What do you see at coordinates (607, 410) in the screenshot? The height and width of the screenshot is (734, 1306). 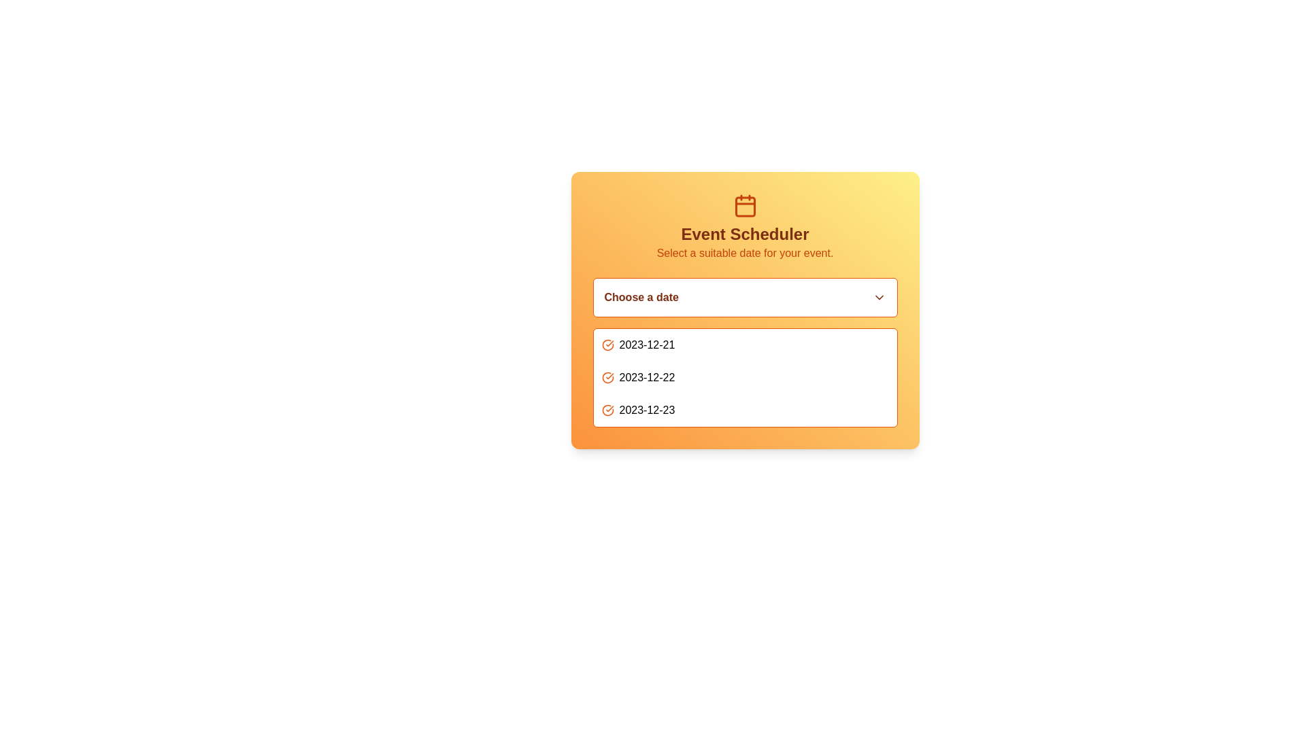 I see `the icon indicating that the date '2023-12-23' is marked as significant to mark or unmark the date in the event scheduler interface` at bounding box center [607, 410].